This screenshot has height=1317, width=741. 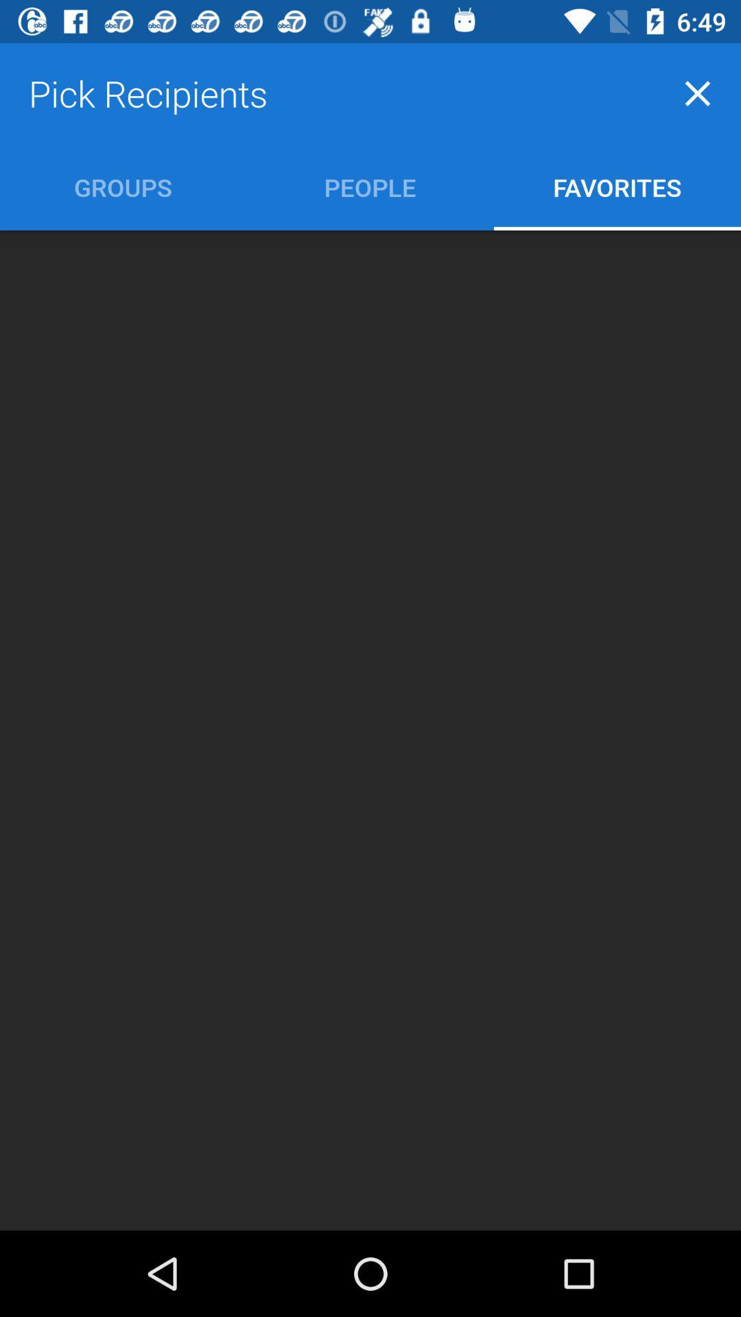 I want to click on the close icon, so click(x=698, y=93).